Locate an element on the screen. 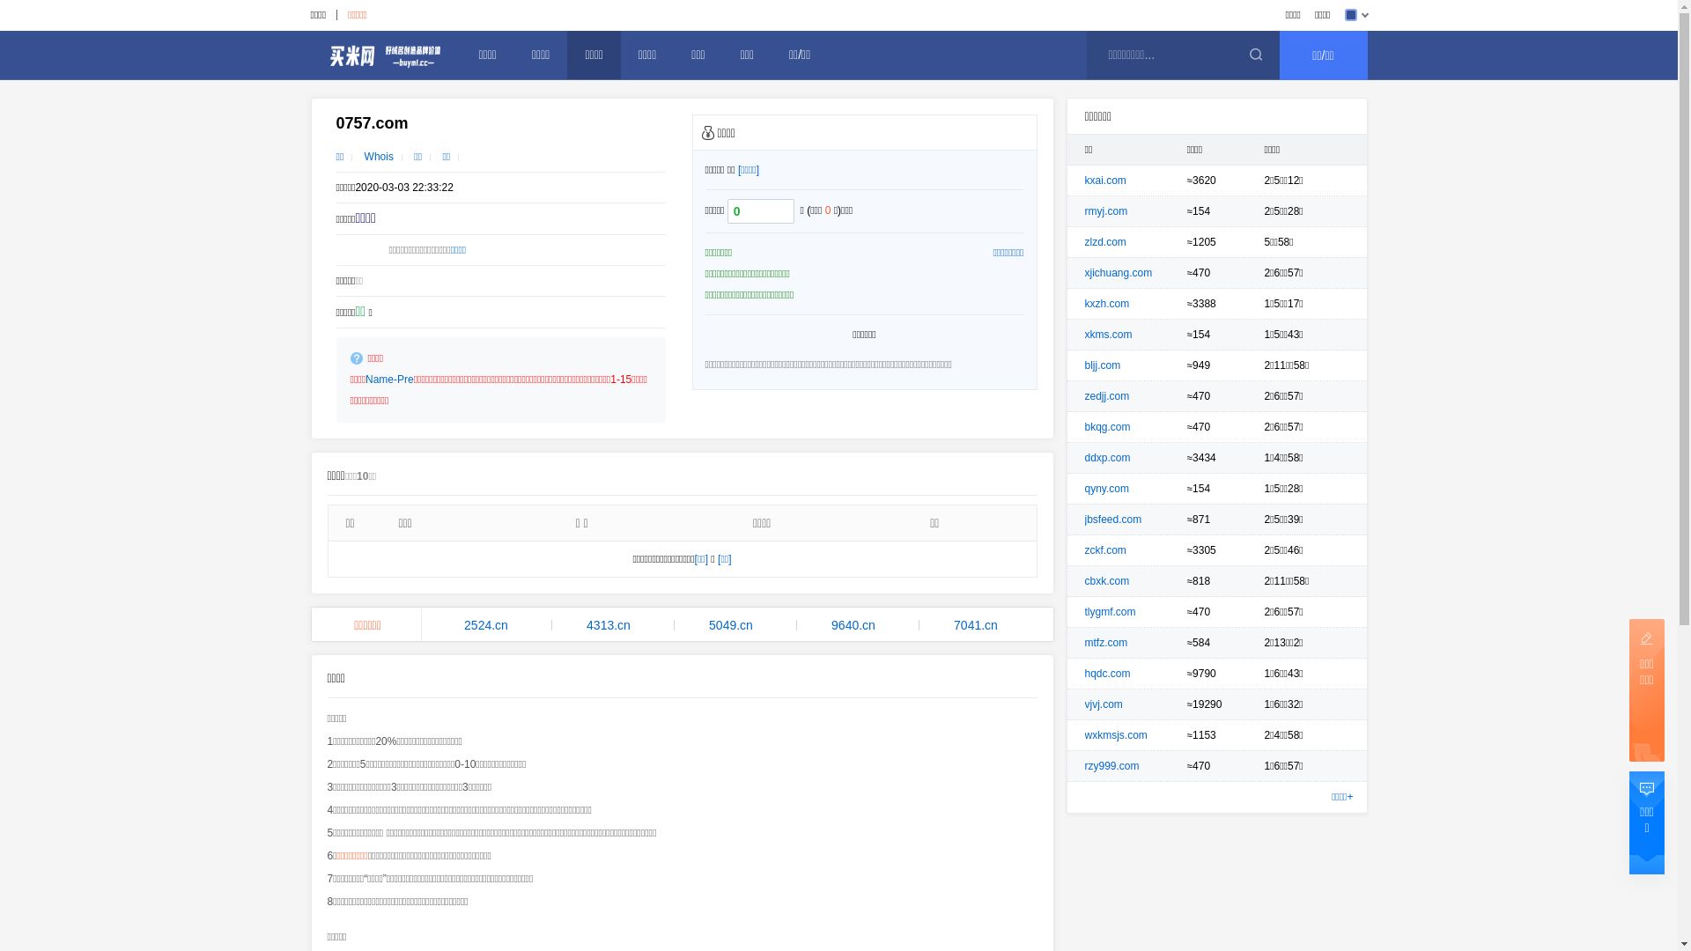 This screenshot has width=1691, height=951. '7041.cn' is located at coordinates (974, 623).